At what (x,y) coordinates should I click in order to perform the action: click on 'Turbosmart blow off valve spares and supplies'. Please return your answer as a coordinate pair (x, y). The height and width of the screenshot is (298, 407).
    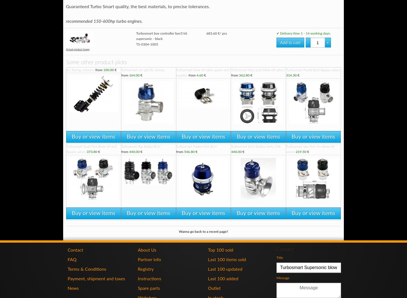
    Looking at the image, I should click on (202, 72).